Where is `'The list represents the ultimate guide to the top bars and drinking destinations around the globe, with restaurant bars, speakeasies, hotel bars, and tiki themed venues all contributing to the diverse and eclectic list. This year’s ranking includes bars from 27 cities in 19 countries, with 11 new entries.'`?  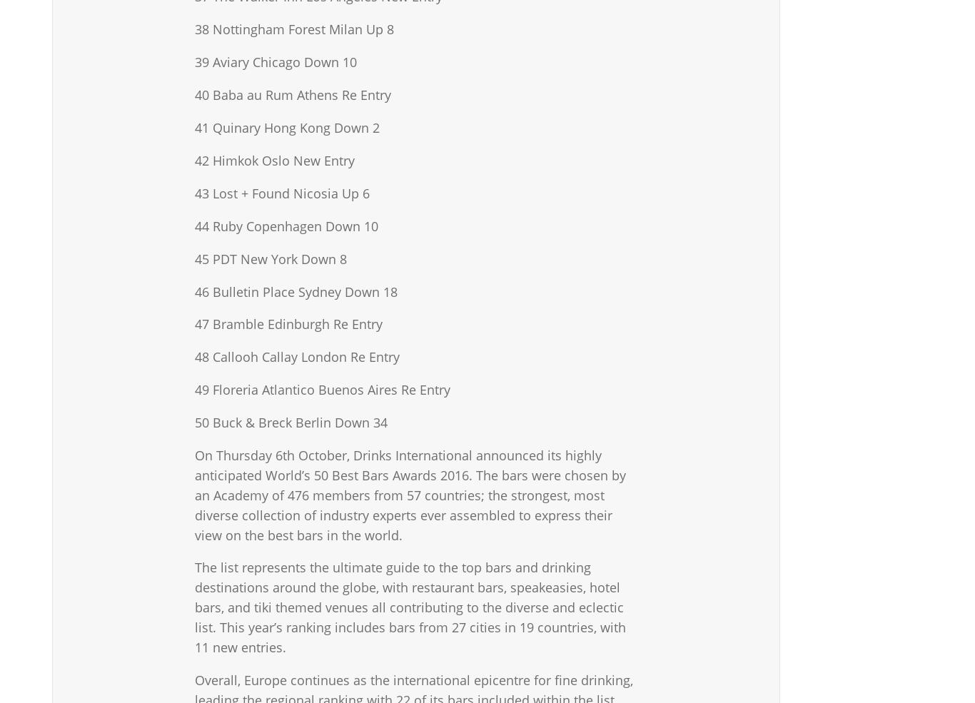
'The list represents the ultimate guide to the top bars and drinking destinations around the globe, with restaurant bars, speakeasies, hotel bars, and tiki themed venues all contributing to the diverse and eclectic list. This year’s ranking includes bars from 27 cities in 19 countries, with 11 new entries.' is located at coordinates (409, 606).